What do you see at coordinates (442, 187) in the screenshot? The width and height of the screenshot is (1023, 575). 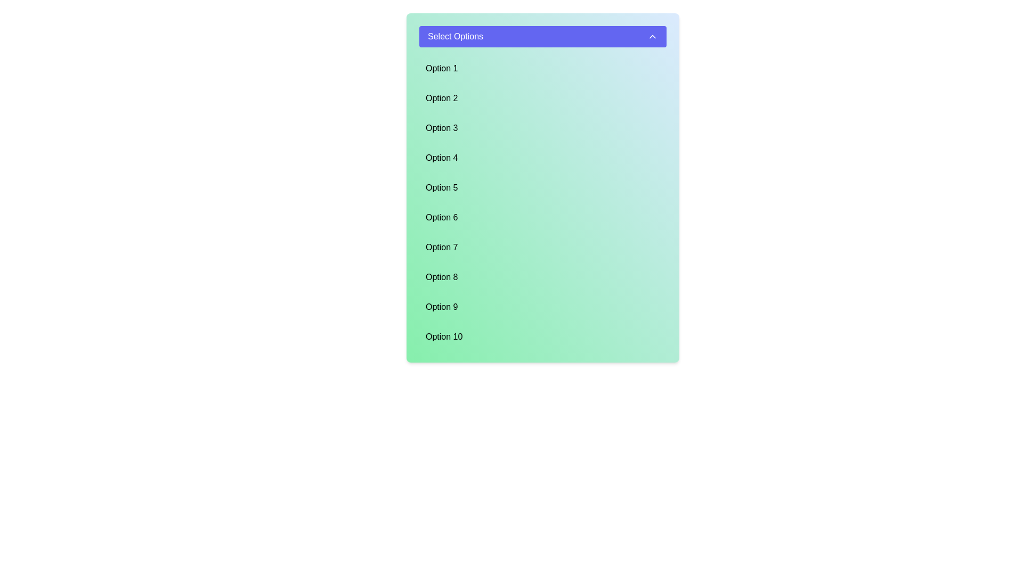 I see `the static text label reading 'Option 5' in the dropdown menu beneath the header 'Select Options'` at bounding box center [442, 187].